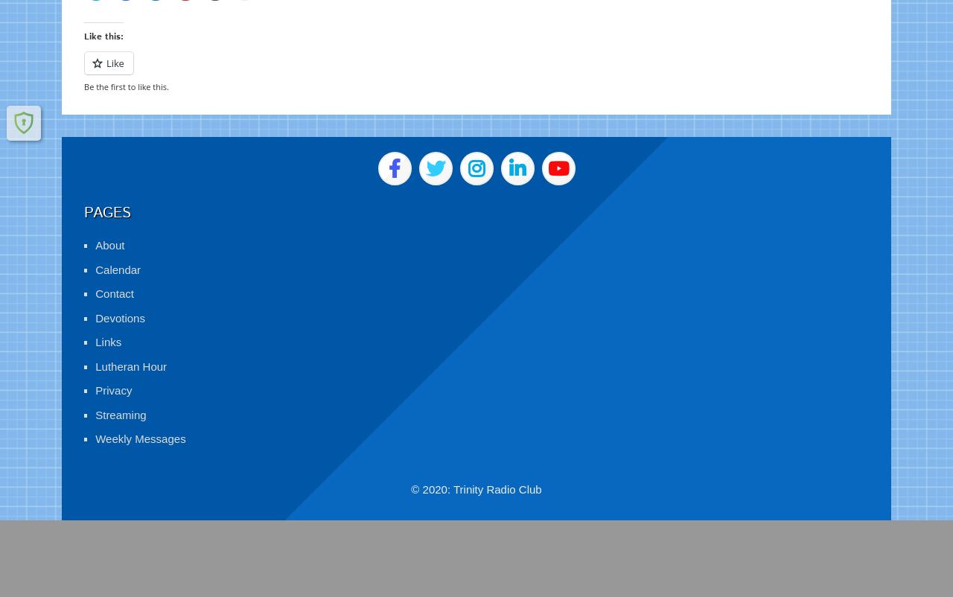 Image resolution: width=953 pixels, height=597 pixels. What do you see at coordinates (121, 397) in the screenshot?
I see `'Streaming'` at bounding box center [121, 397].